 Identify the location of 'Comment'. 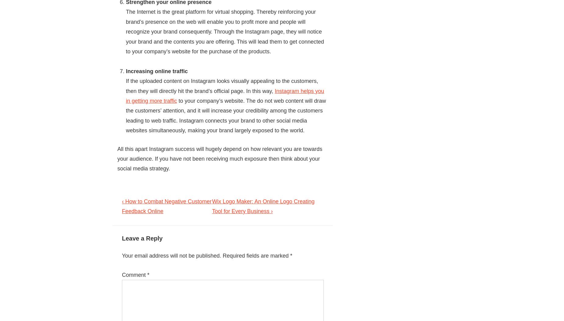
(134, 275).